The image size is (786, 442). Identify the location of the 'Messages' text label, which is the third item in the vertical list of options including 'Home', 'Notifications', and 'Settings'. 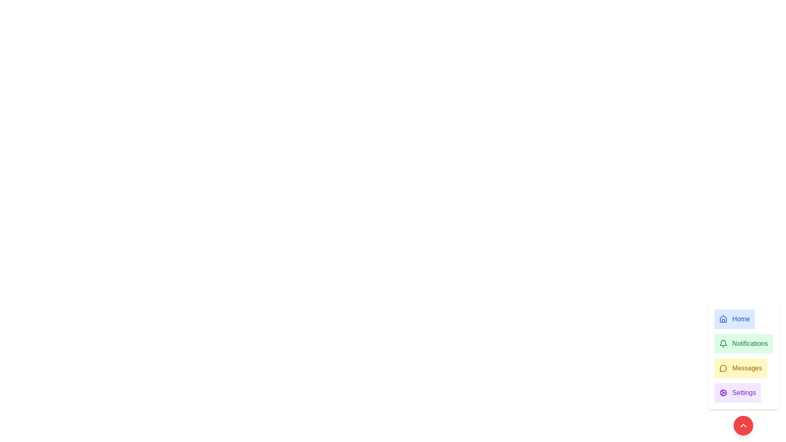
(747, 368).